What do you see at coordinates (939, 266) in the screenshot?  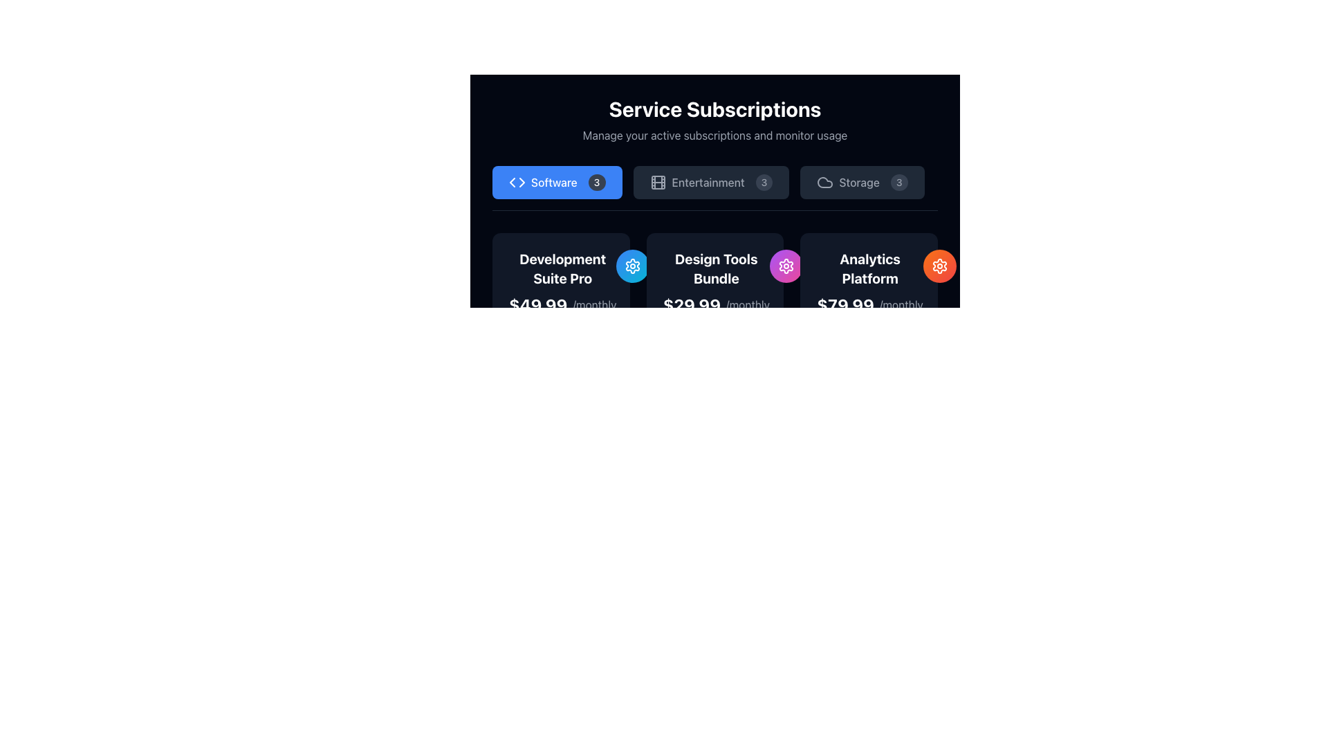 I see `the settings icon located at the bottom-right of the 'Analytics Platform' pricing card` at bounding box center [939, 266].